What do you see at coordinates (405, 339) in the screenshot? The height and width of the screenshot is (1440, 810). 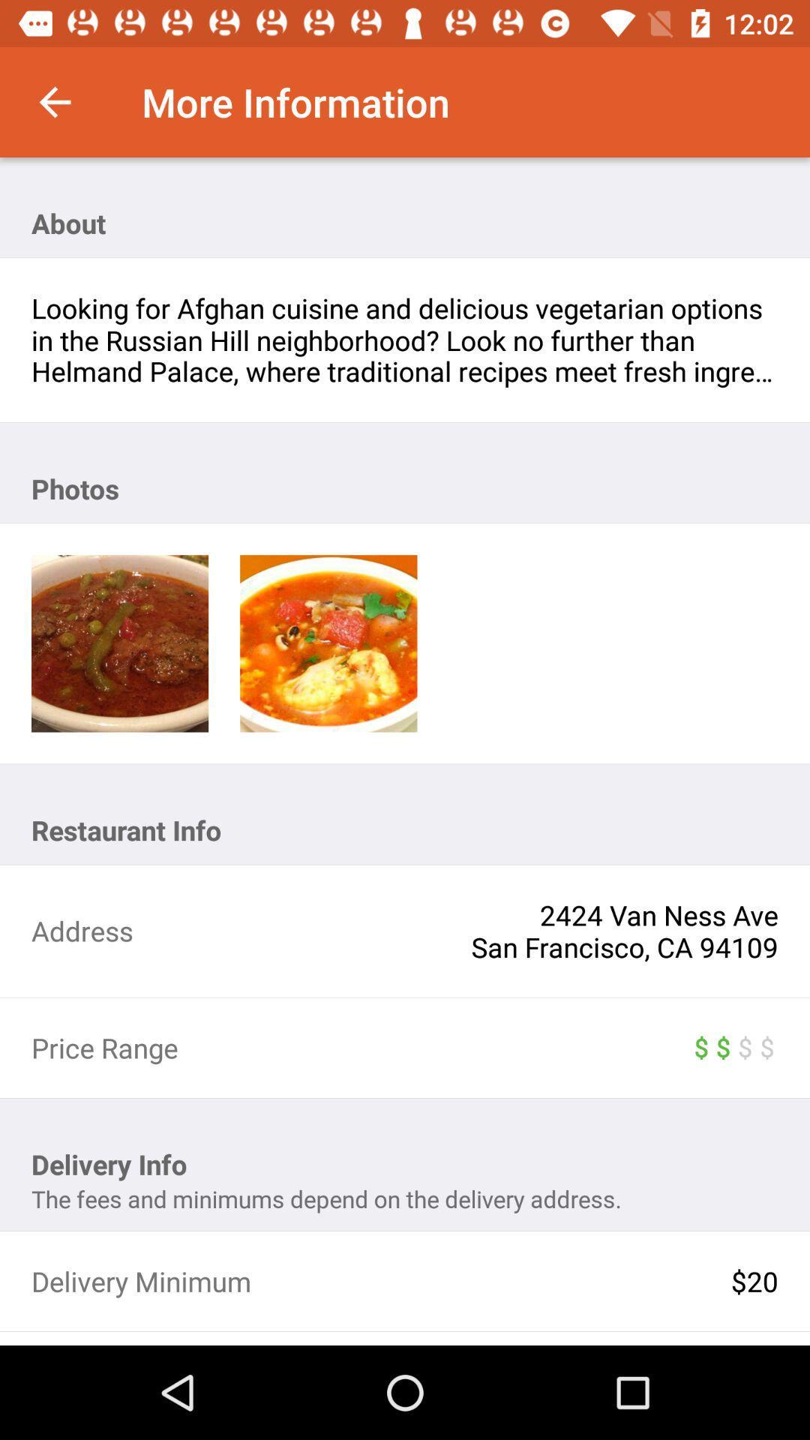 I see `item below about item` at bounding box center [405, 339].